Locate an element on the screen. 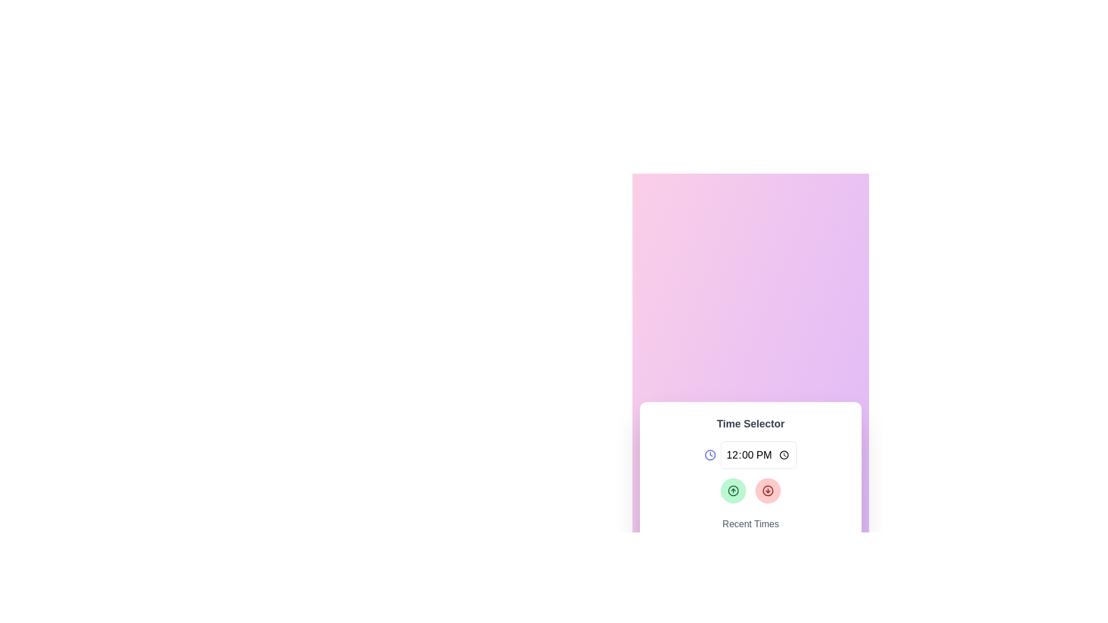  the circular element with a red upward arrow, which represents an upward direction or increase, located below the text input field is located at coordinates (733, 491).